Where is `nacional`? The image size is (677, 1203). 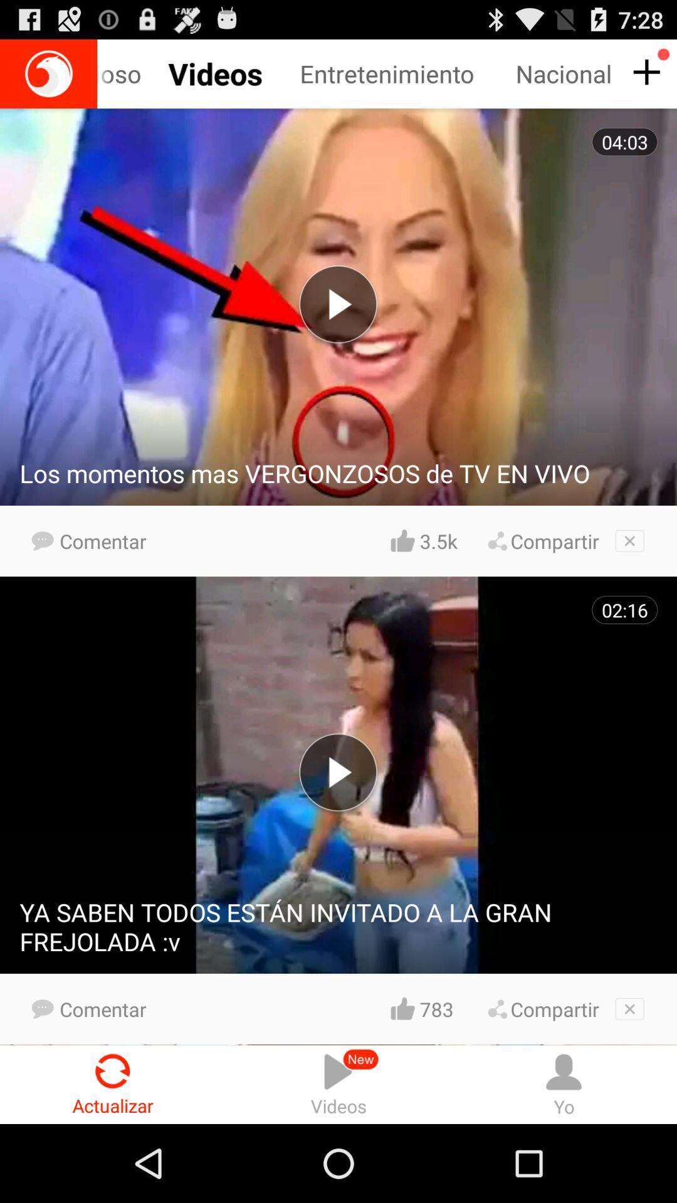 nacional is located at coordinates (565, 73).